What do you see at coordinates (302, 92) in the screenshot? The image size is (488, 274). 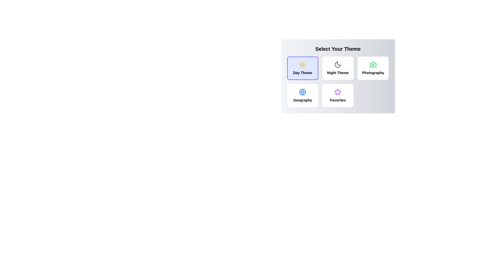 I see `the Geography icon located in the bottom-left corner of the themes section` at bounding box center [302, 92].